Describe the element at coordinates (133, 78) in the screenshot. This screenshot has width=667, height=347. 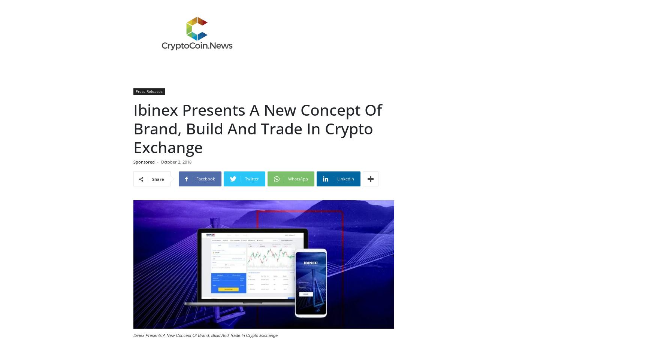
I see `'“However, if exchanges come without branding ideas (as most of the clients do) then Ibinex will take the full responsibility. We always accept challenging jobs to create a prominent brand image of crypto exchanges. Our commitment gets fulfilled with the help of the easiest procedures encouraging and fruitful for clients” Yafit shared further.'` at that location.